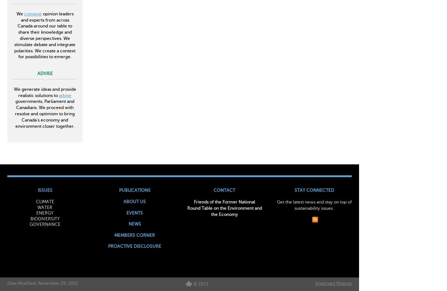 The height and width of the screenshot is (291, 447). What do you see at coordinates (45, 213) in the screenshot?
I see `'ENERGY'` at bounding box center [45, 213].